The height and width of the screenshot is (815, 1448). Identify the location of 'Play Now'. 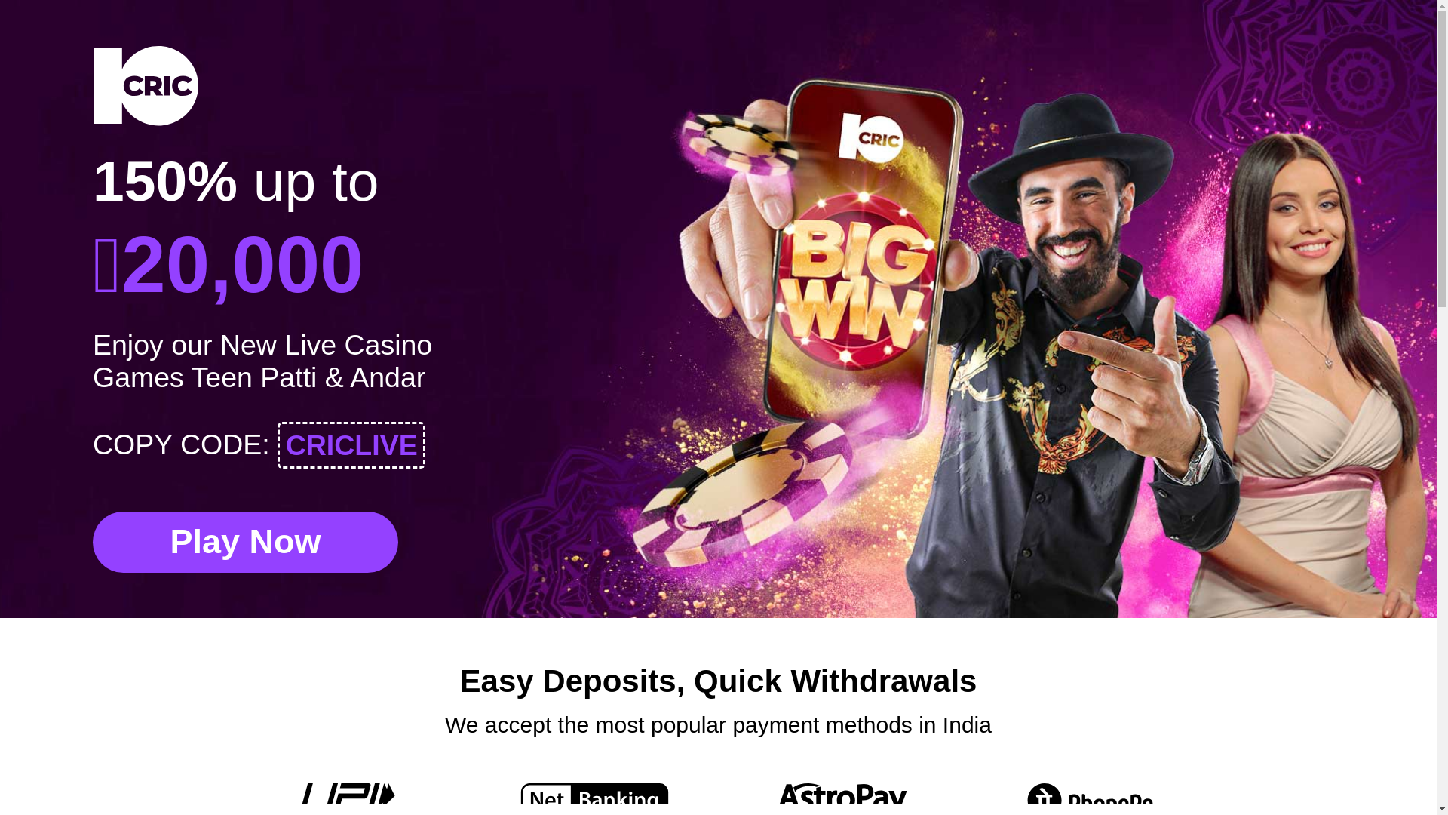
(245, 541).